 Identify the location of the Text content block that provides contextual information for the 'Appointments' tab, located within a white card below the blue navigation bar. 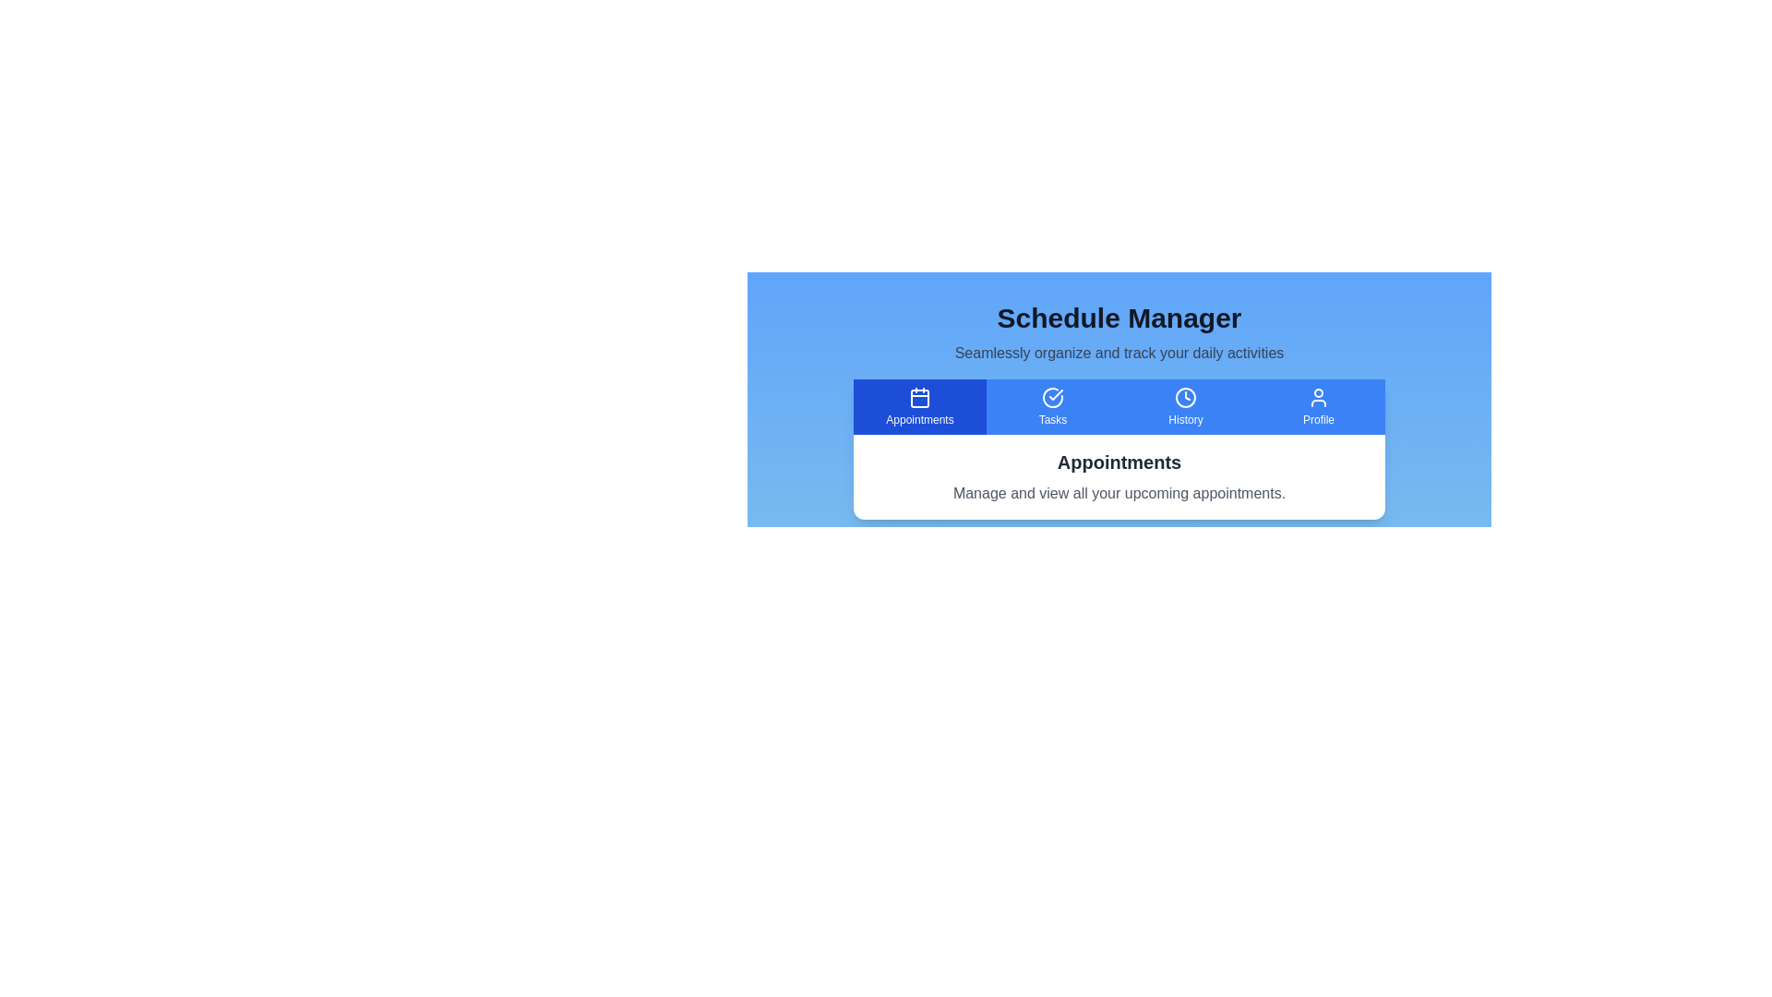
(1119, 449).